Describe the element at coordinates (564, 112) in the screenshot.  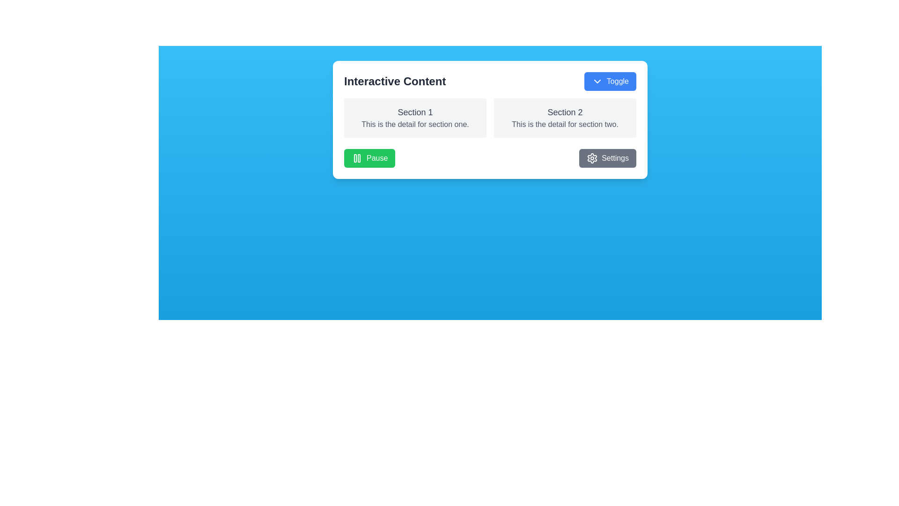
I see `the text label reading 'Section 2' which is styled with a larger font size and medium font weight, located on the right side of the central white panel` at that location.